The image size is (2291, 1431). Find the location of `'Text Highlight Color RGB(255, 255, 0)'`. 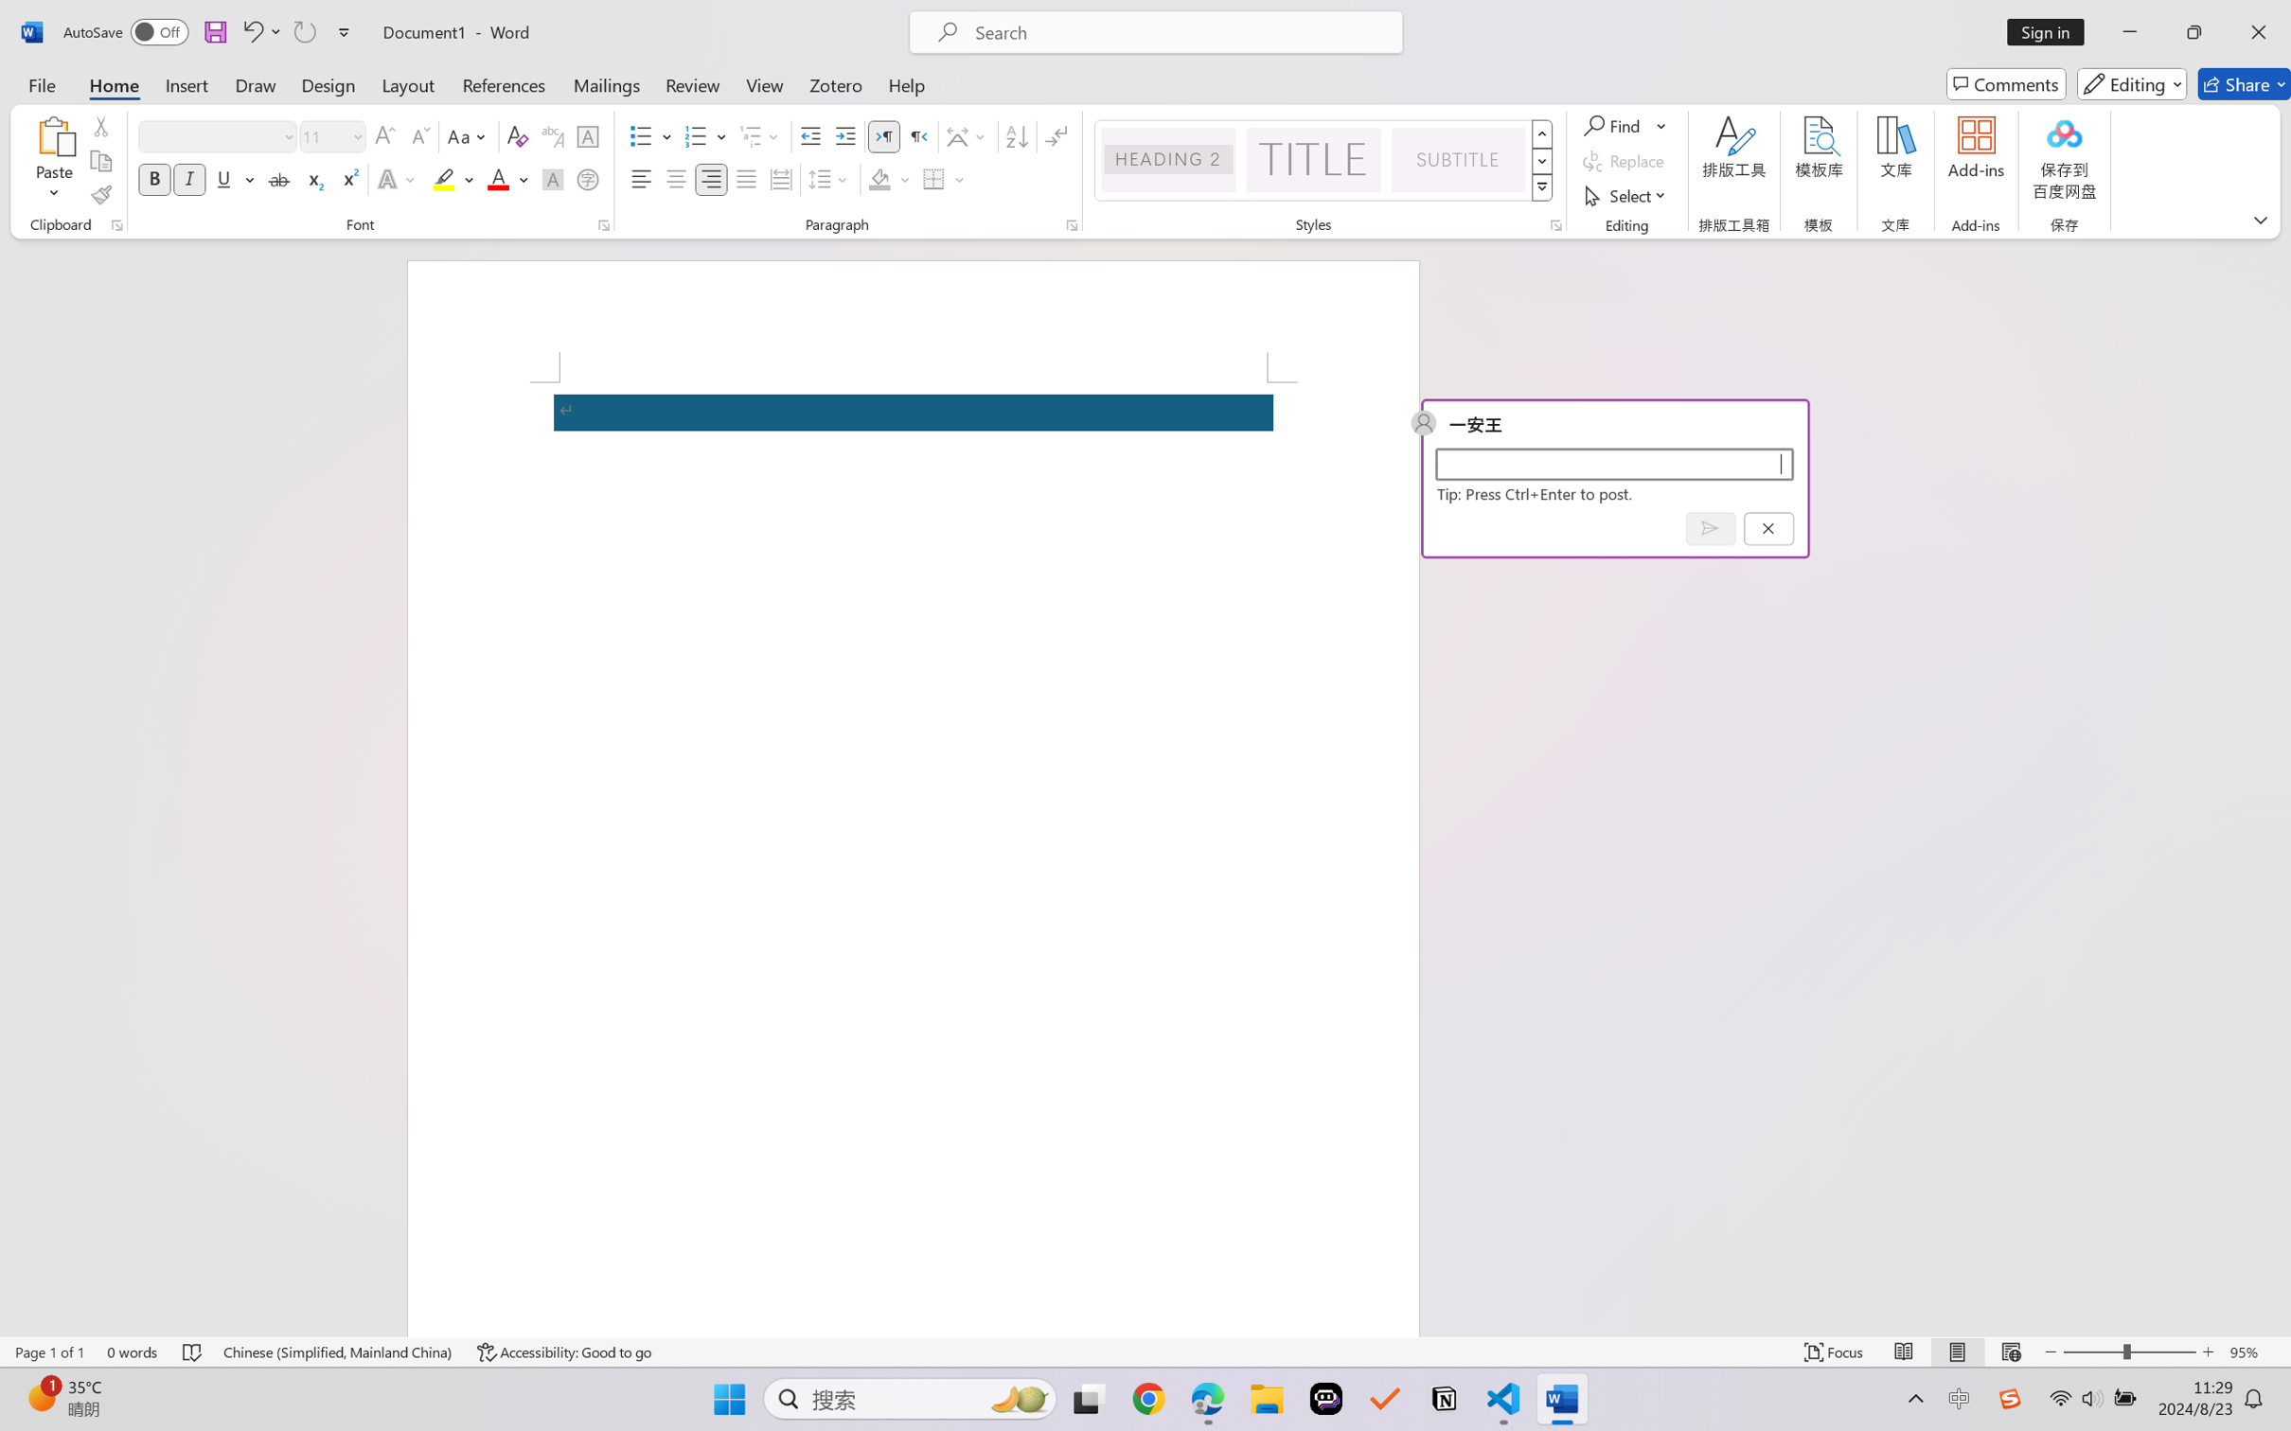

'Text Highlight Color RGB(255, 255, 0)' is located at coordinates (443, 178).